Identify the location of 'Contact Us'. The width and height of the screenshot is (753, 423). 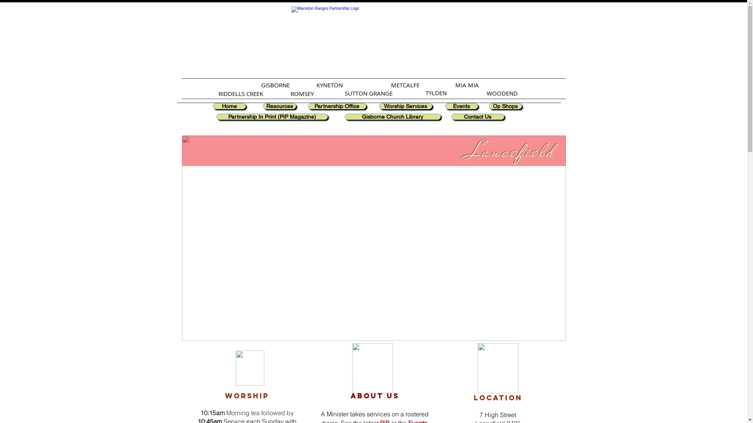
(477, 116).